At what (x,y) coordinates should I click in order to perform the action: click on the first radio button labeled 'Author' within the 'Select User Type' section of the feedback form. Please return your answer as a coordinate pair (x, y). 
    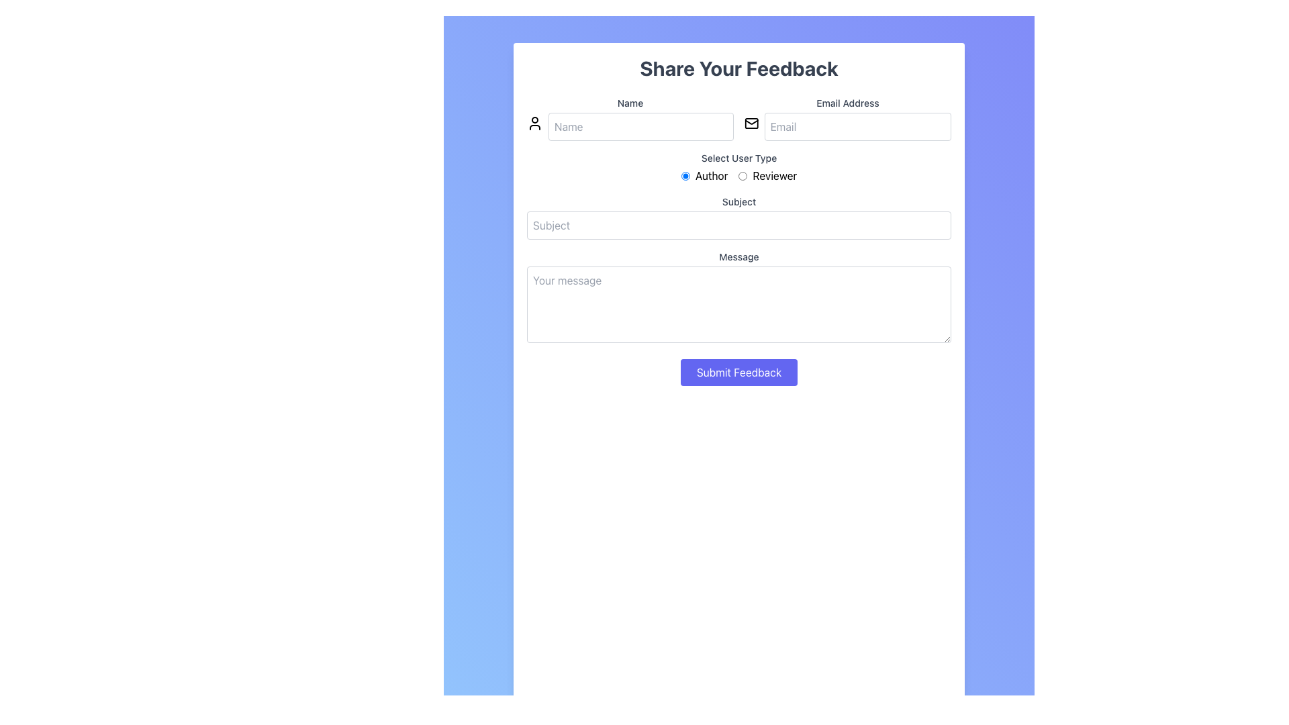
    Looking at the image, I should click on (685, 175).